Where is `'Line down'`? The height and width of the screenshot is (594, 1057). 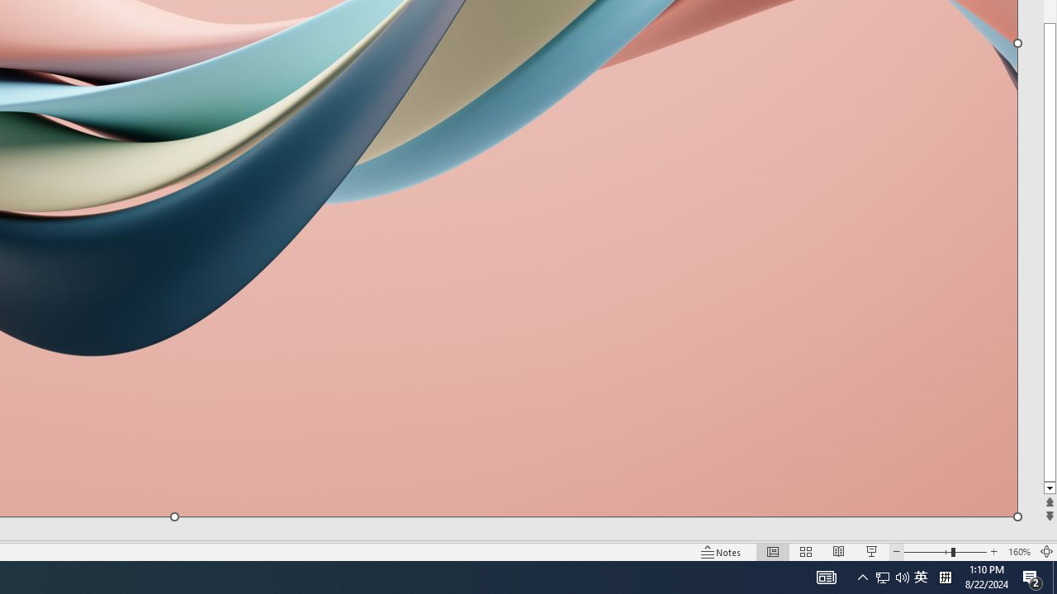
'Line down' is located at coordinates (1049, 488).